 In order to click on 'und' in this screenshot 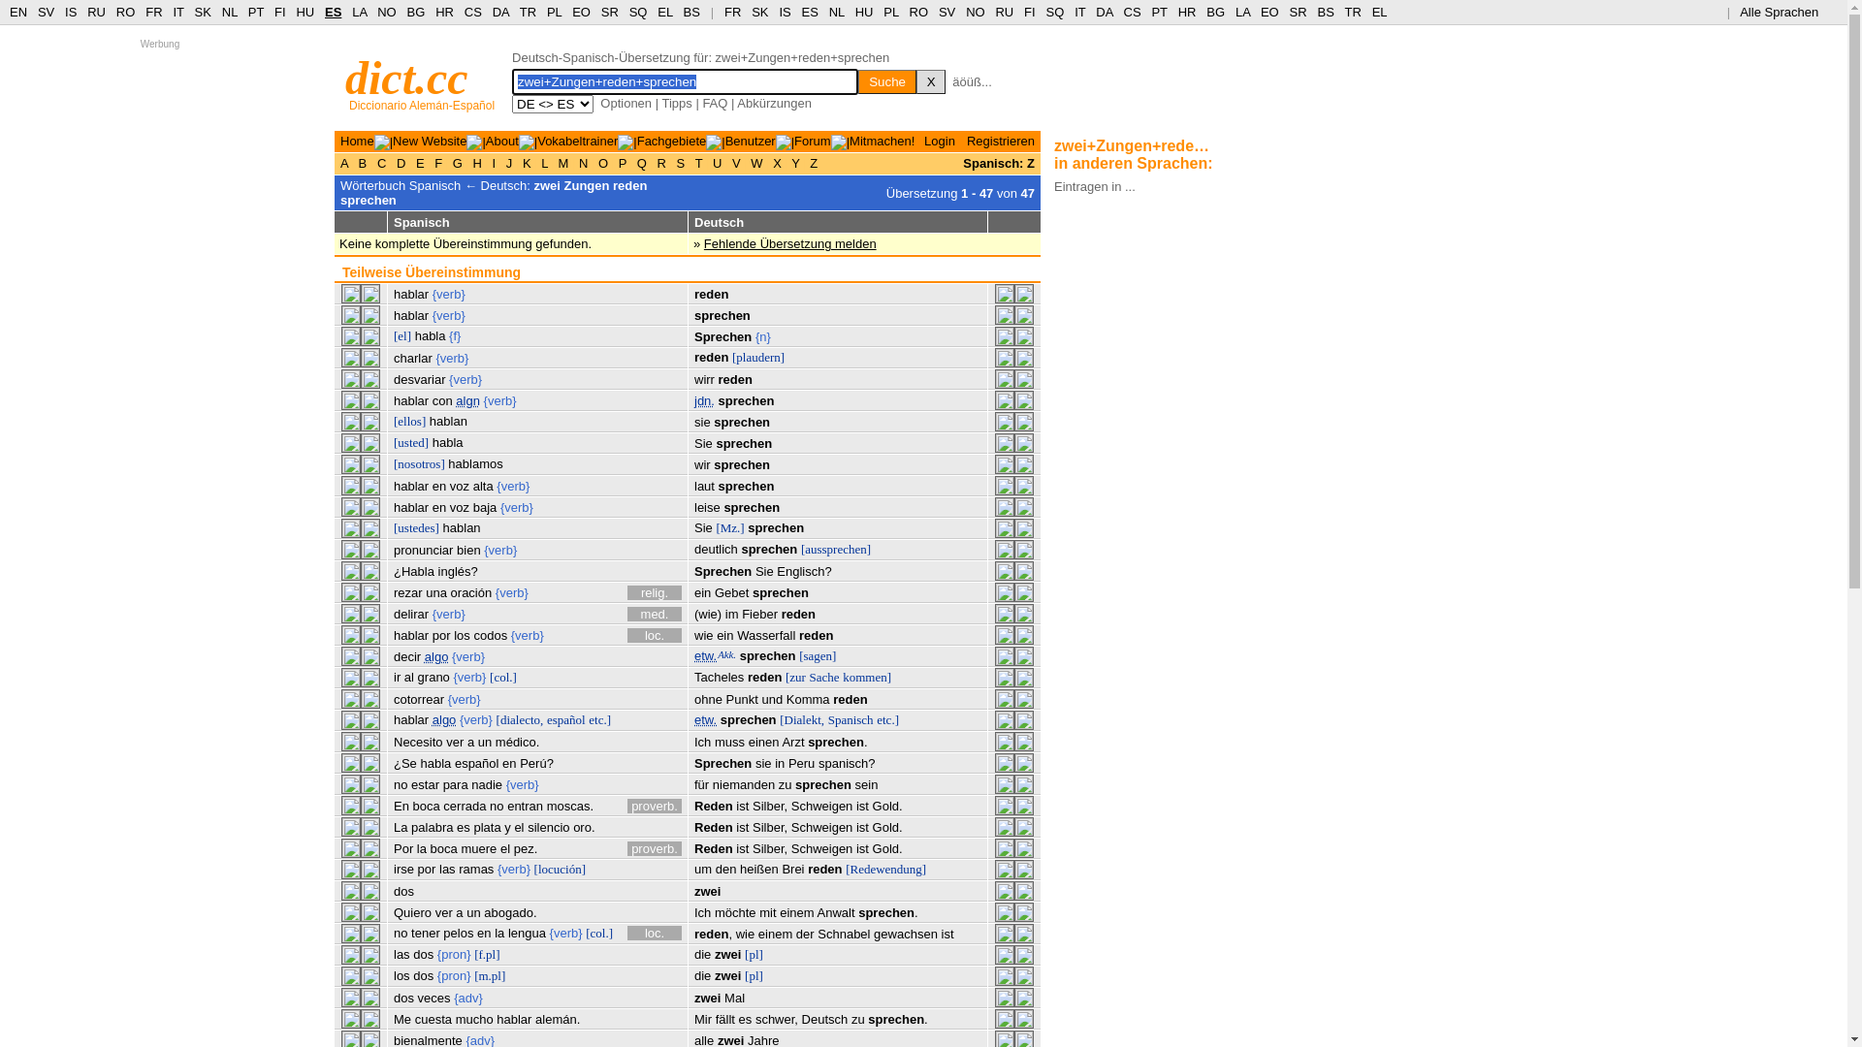, I will do `click(771, 699)`.